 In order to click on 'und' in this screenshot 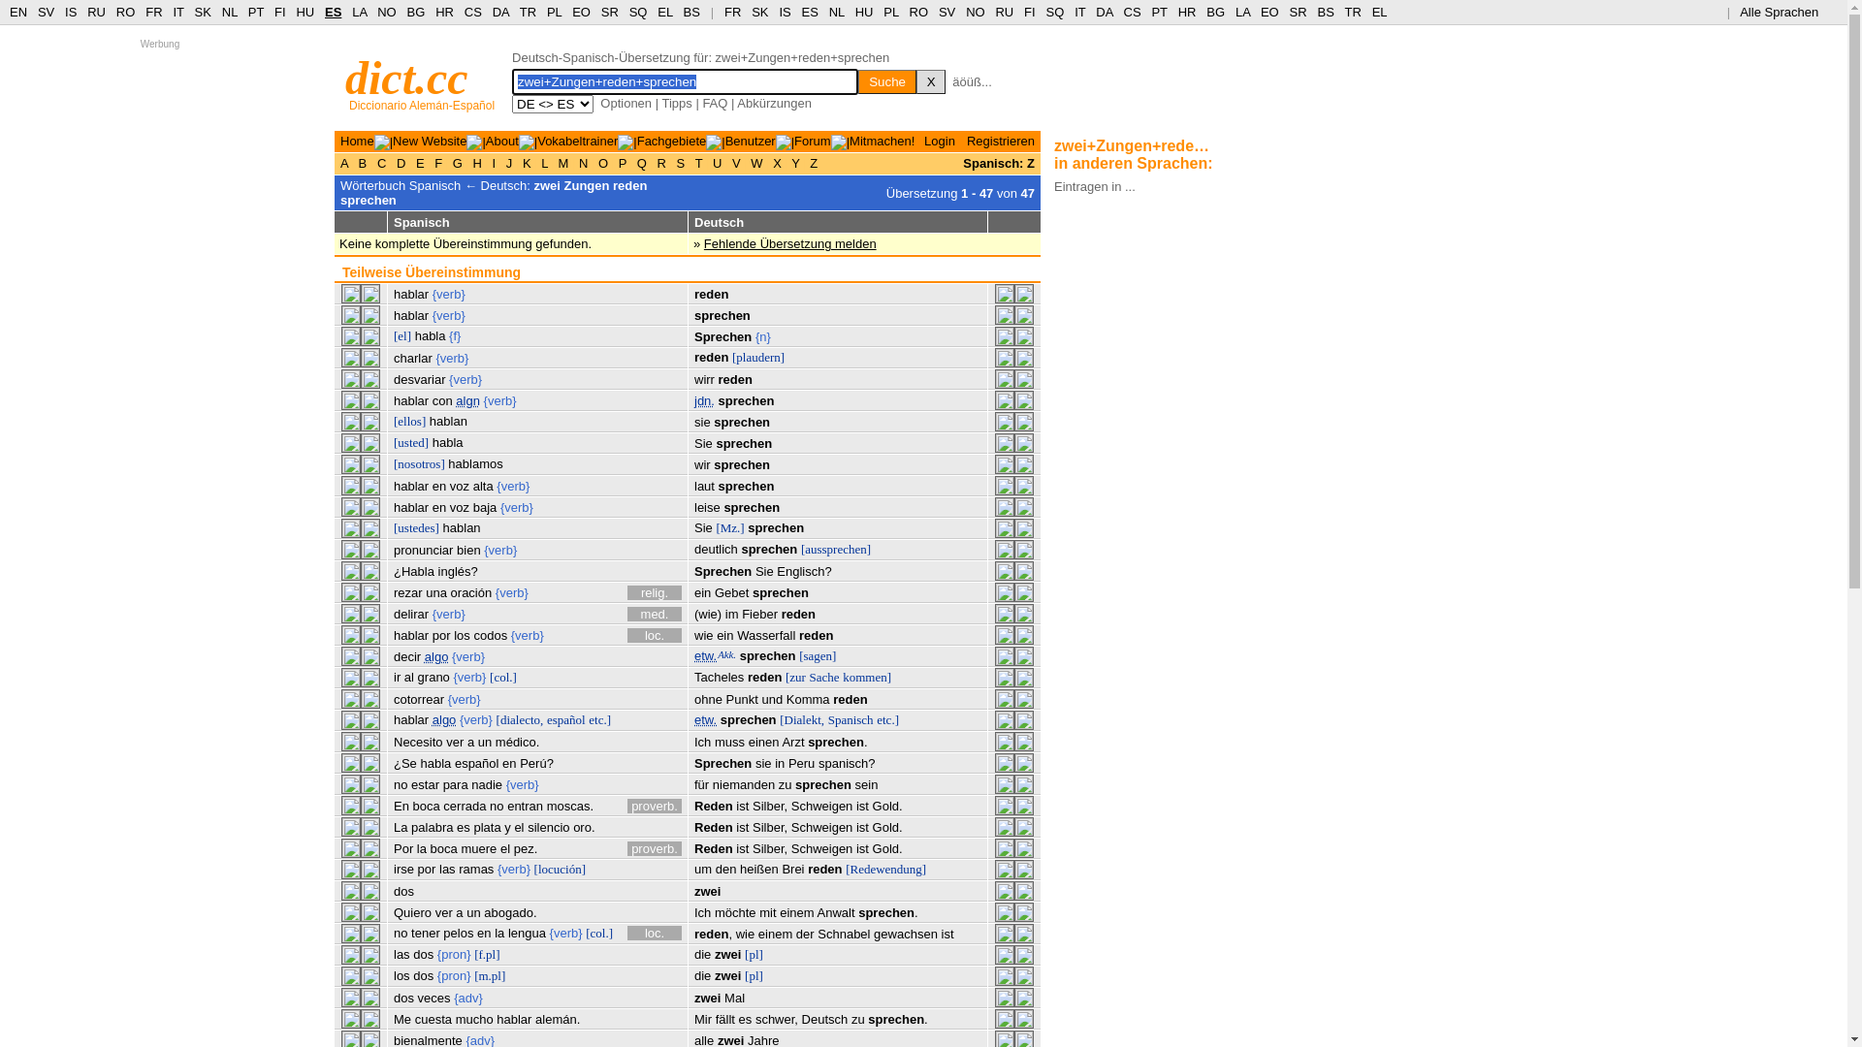, I will do `click(771, 699)`.